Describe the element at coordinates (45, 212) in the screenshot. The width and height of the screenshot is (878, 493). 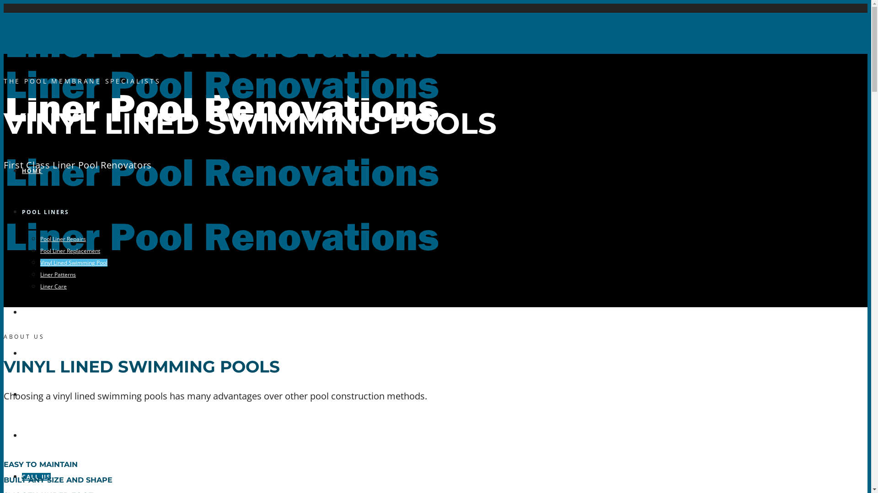
I see `'POOL LINERS'` at that location.